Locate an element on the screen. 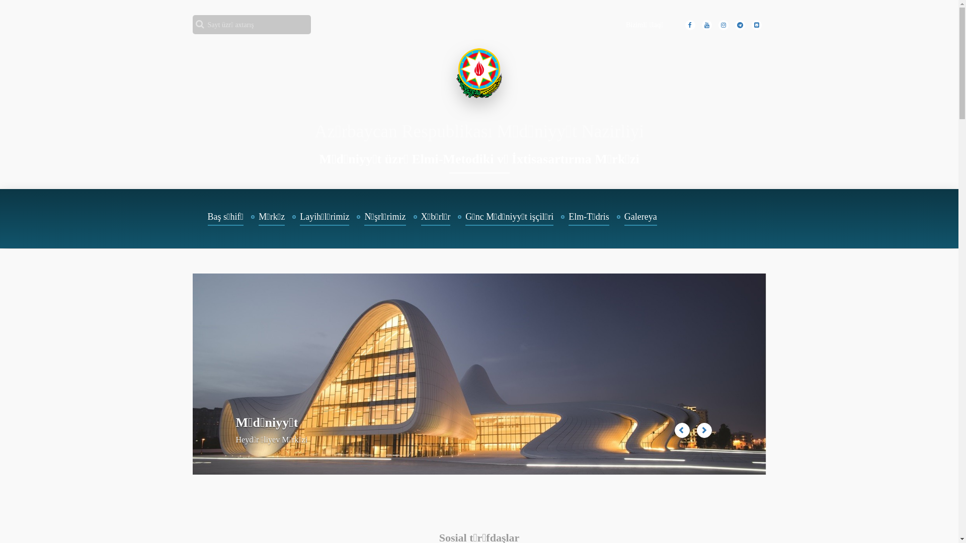  'Galereya' is located at coordinates (616, 218).